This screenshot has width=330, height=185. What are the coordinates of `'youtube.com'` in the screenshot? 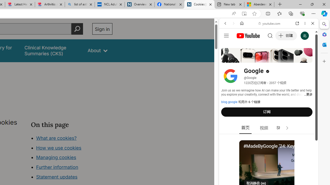 It's located at (269, 23).